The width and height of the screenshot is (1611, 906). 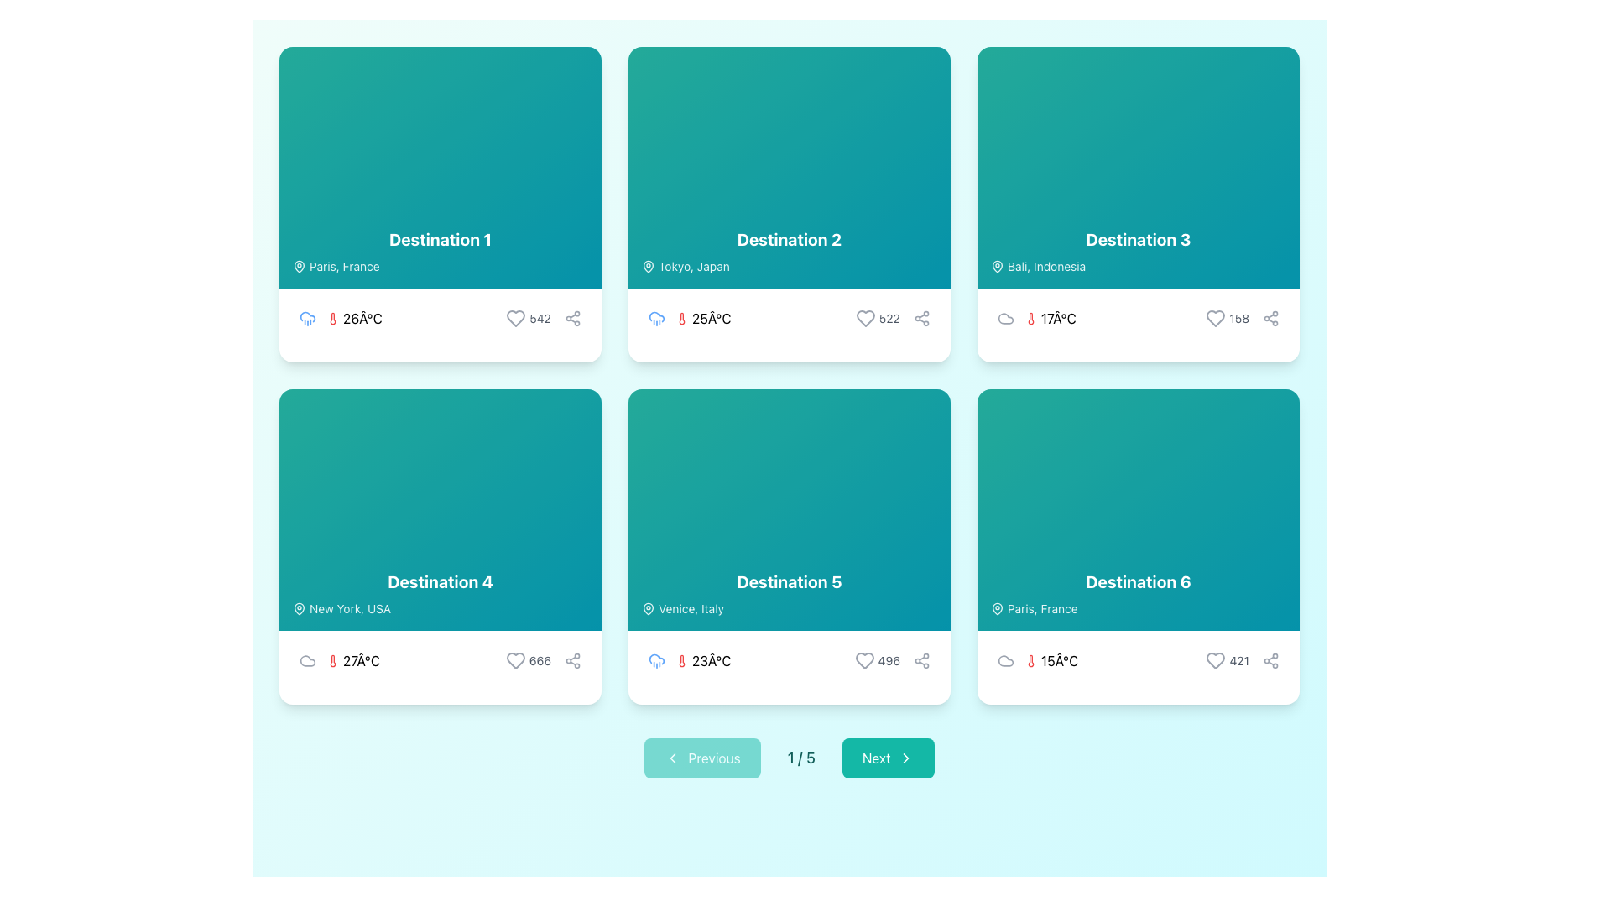 I want to click on the Location Pin icon that indicates the geographic location of 'Paris, France', which is located in the top-left corner of the first item in the grid of destination cards, so click(x=299, y=265).